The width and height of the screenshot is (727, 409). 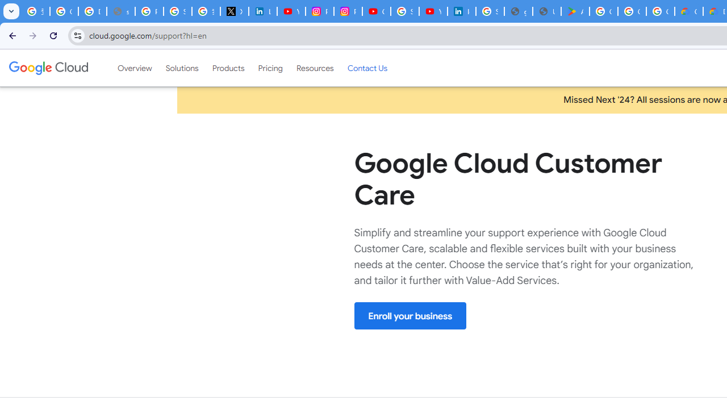 I want to click on 'Google Cloud', so click(x=48, y=68).